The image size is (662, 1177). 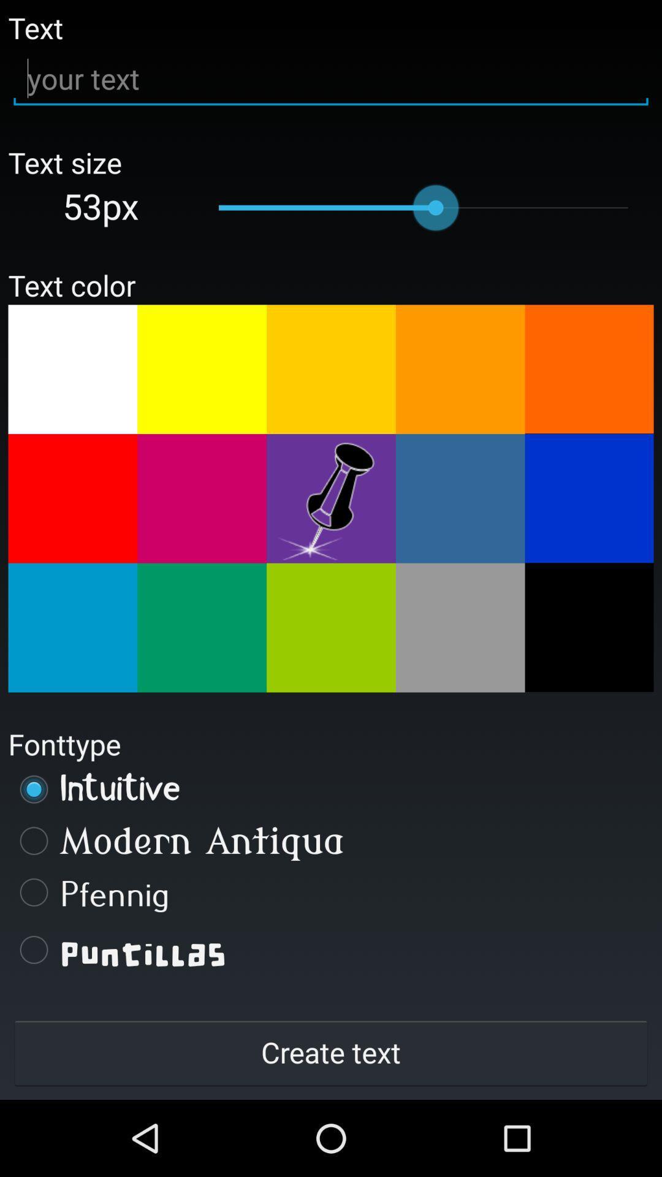 I want to click on text color select, so click(x=72, y=628).